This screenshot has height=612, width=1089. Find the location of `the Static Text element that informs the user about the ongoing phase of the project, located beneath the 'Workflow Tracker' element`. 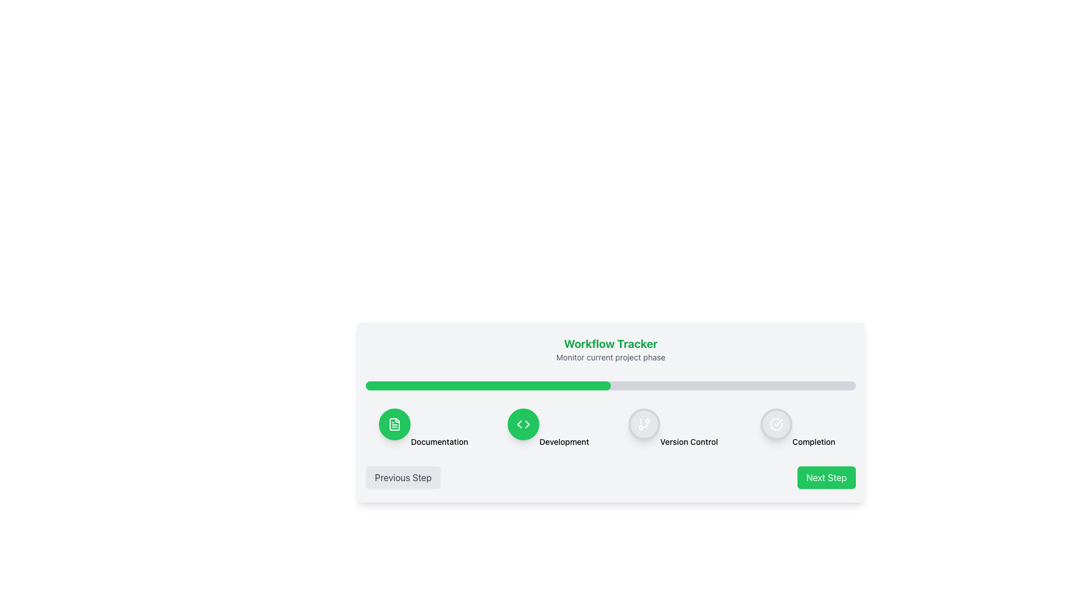

the Static Text element that informs the user about the ongoing phase of the project, located beneath the 'Workflow Tracker' element is located at coordinates (610, 358).